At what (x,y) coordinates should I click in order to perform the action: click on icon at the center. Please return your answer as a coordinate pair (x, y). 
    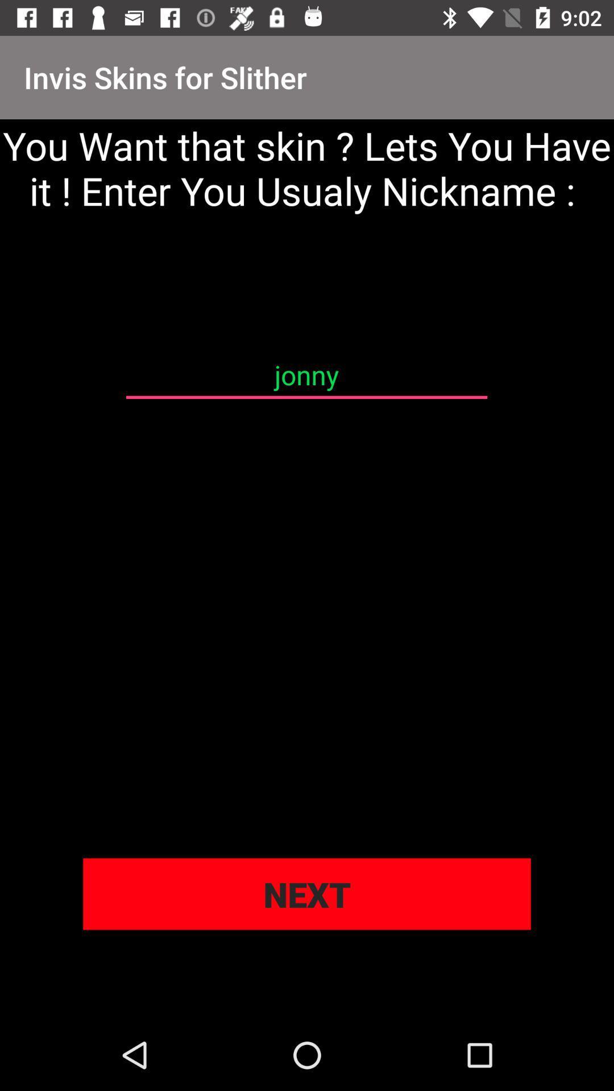
    Looking at the image, I should click on (306, 375).